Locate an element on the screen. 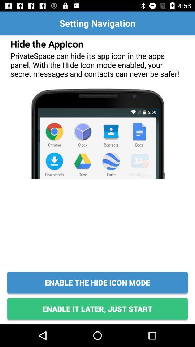 The image size is (195, 347). the enable it later icon is located at coordinates (97, 308).